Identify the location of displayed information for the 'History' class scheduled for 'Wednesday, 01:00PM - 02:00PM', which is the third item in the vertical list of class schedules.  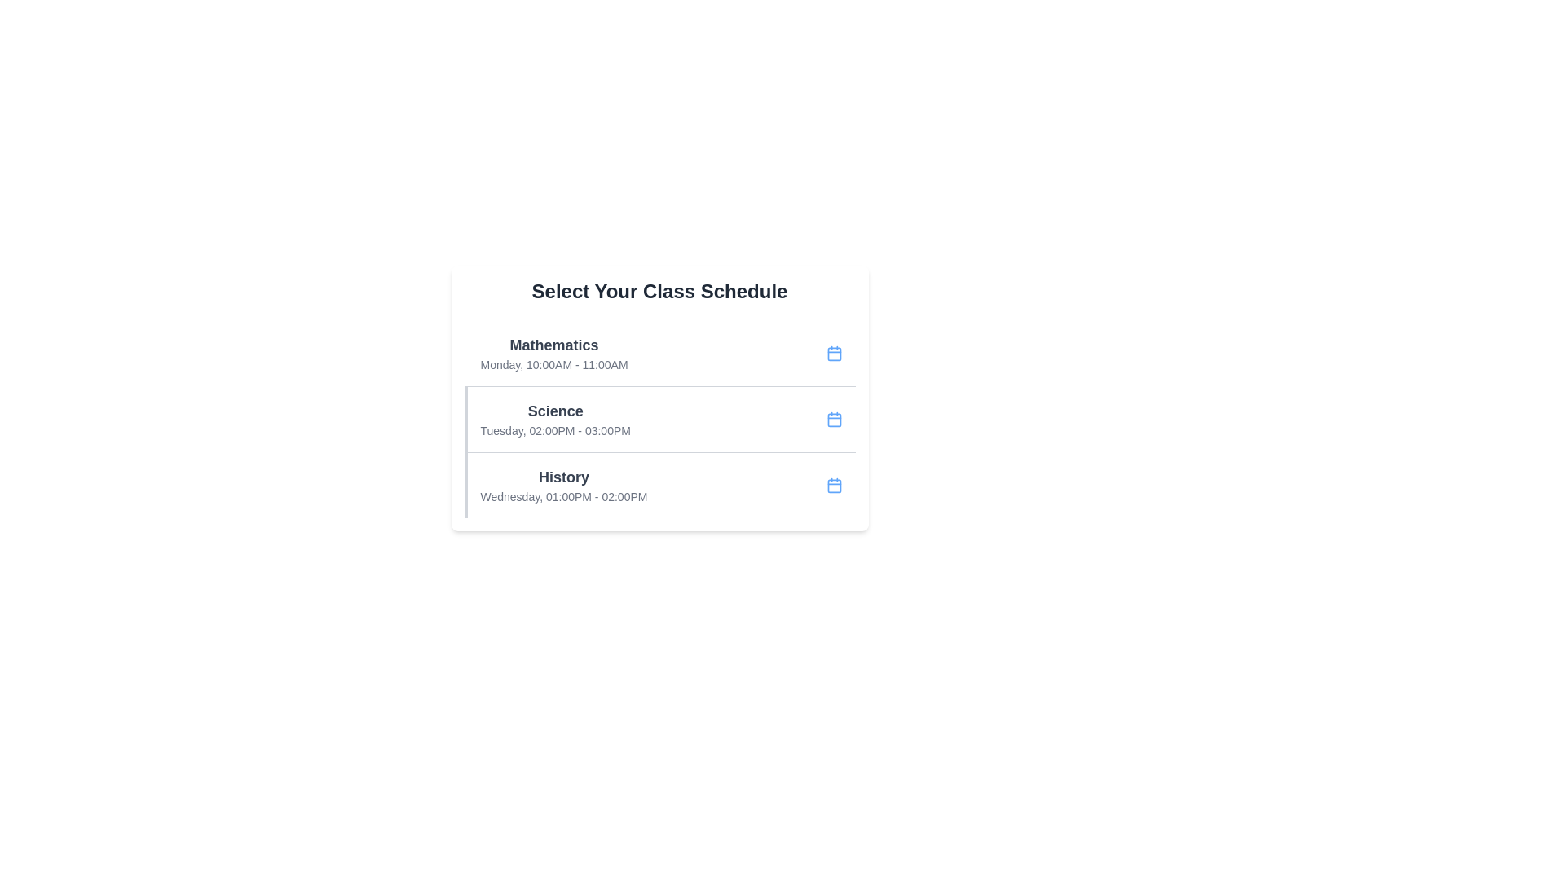
(659, 484).